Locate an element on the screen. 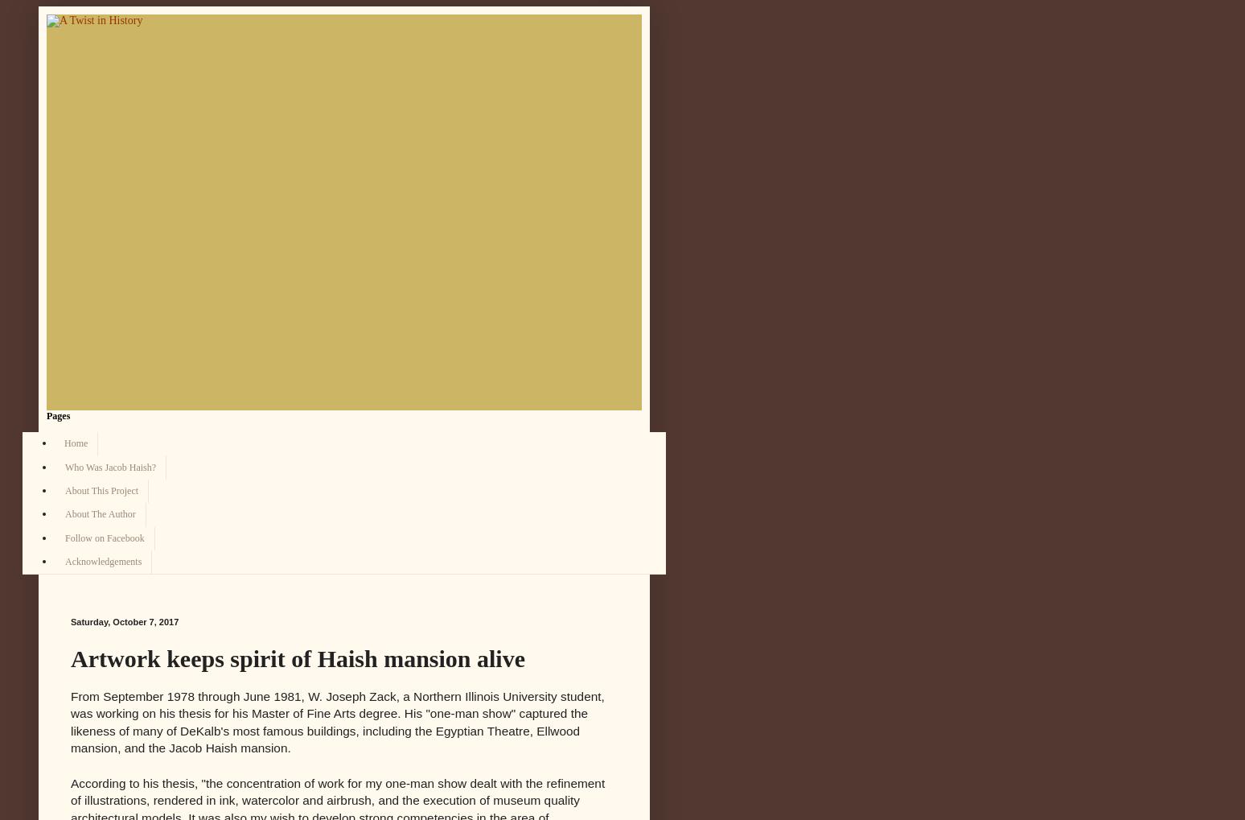  'About This Project' is located at coordinates (64, 489).